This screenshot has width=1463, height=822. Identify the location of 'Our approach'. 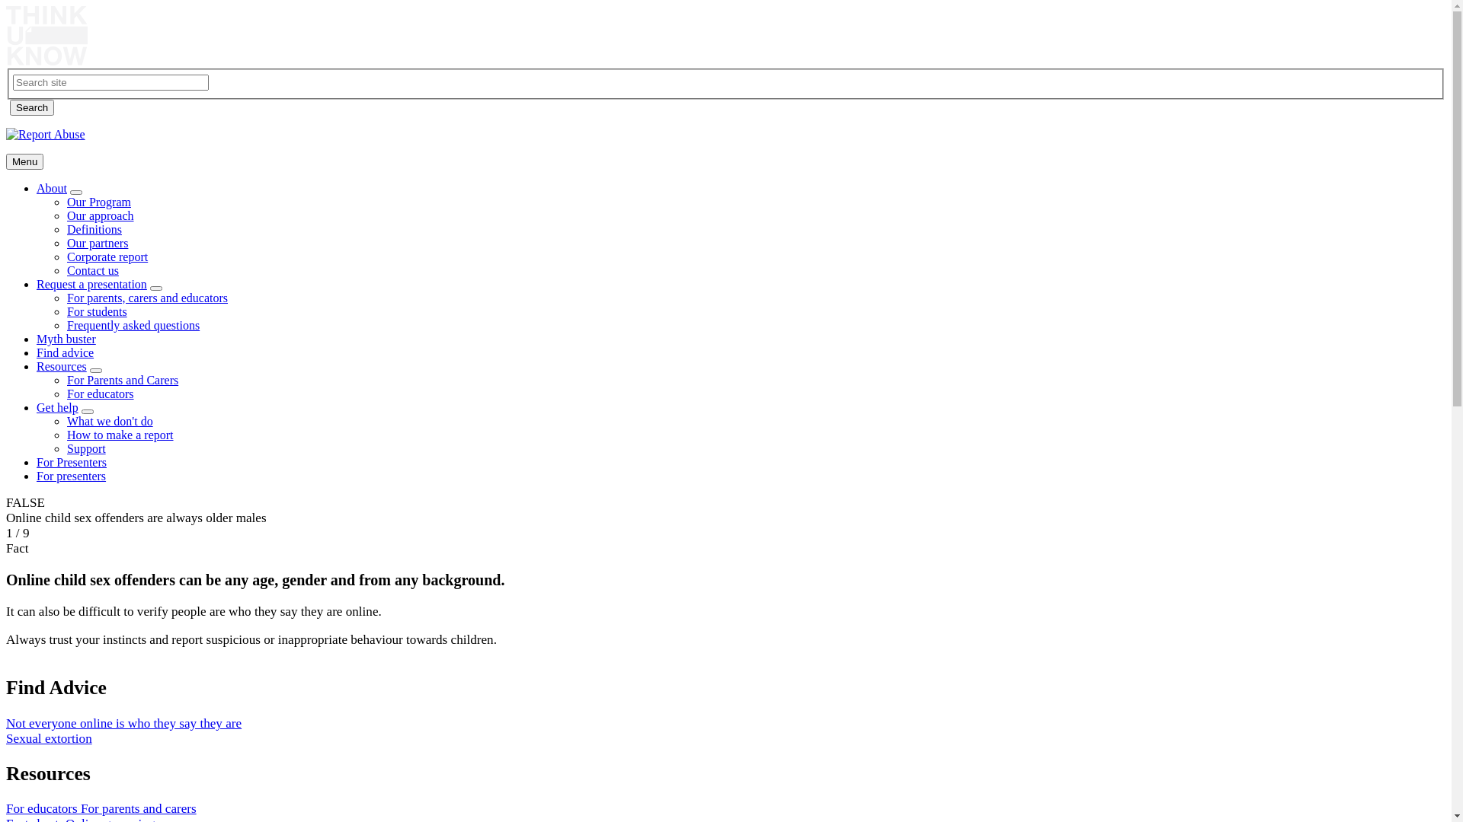
(66, 215).